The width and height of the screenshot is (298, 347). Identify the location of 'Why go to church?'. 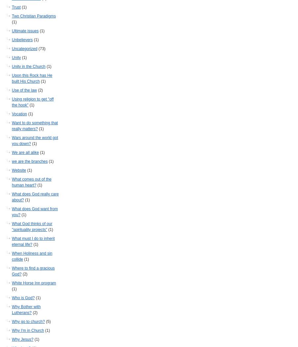
(28, 322).